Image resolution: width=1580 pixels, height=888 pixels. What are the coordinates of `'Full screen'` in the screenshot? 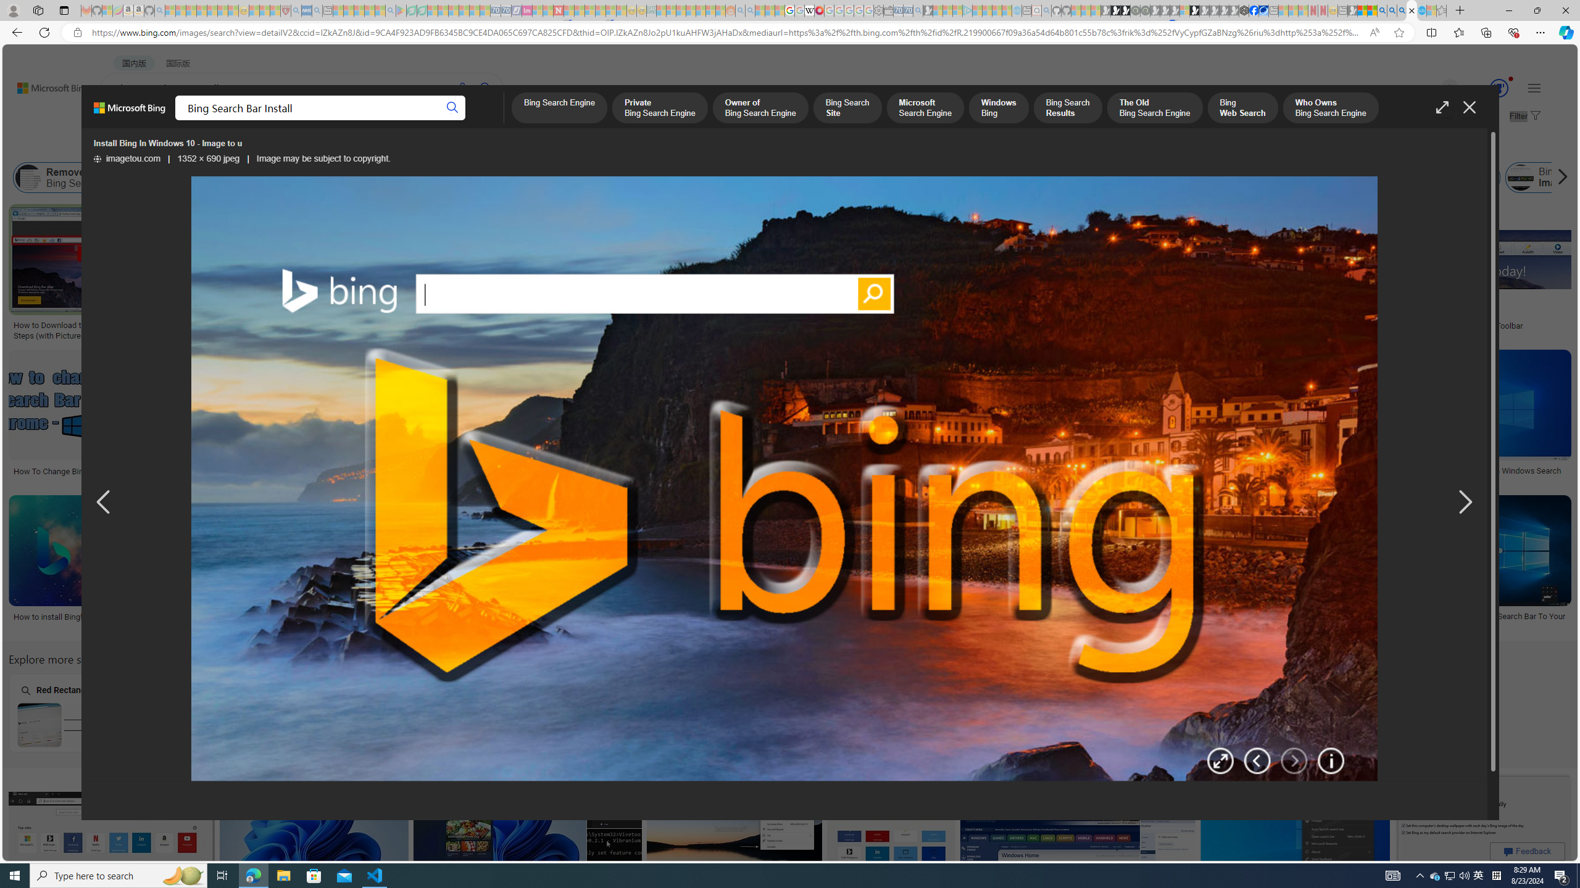 It's located at (1441, 107).